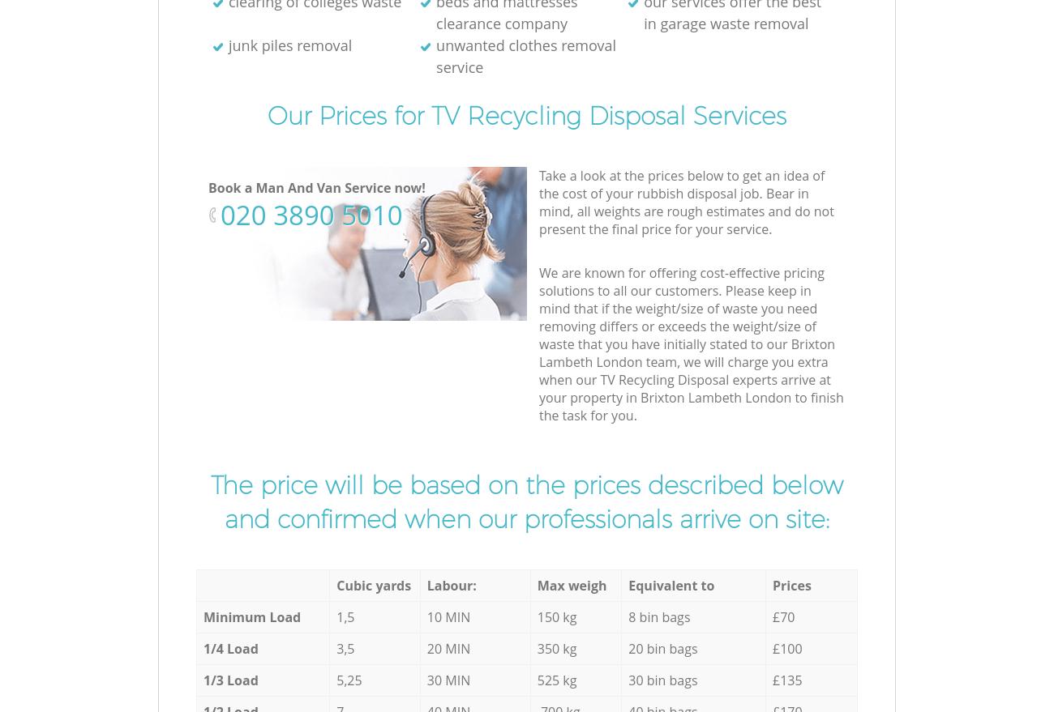 The width and height of the screenshot is (1054, 712). Describe the element at coordinates (659, 617) in the screenshot. I see `'8 bin bags'` at that location.